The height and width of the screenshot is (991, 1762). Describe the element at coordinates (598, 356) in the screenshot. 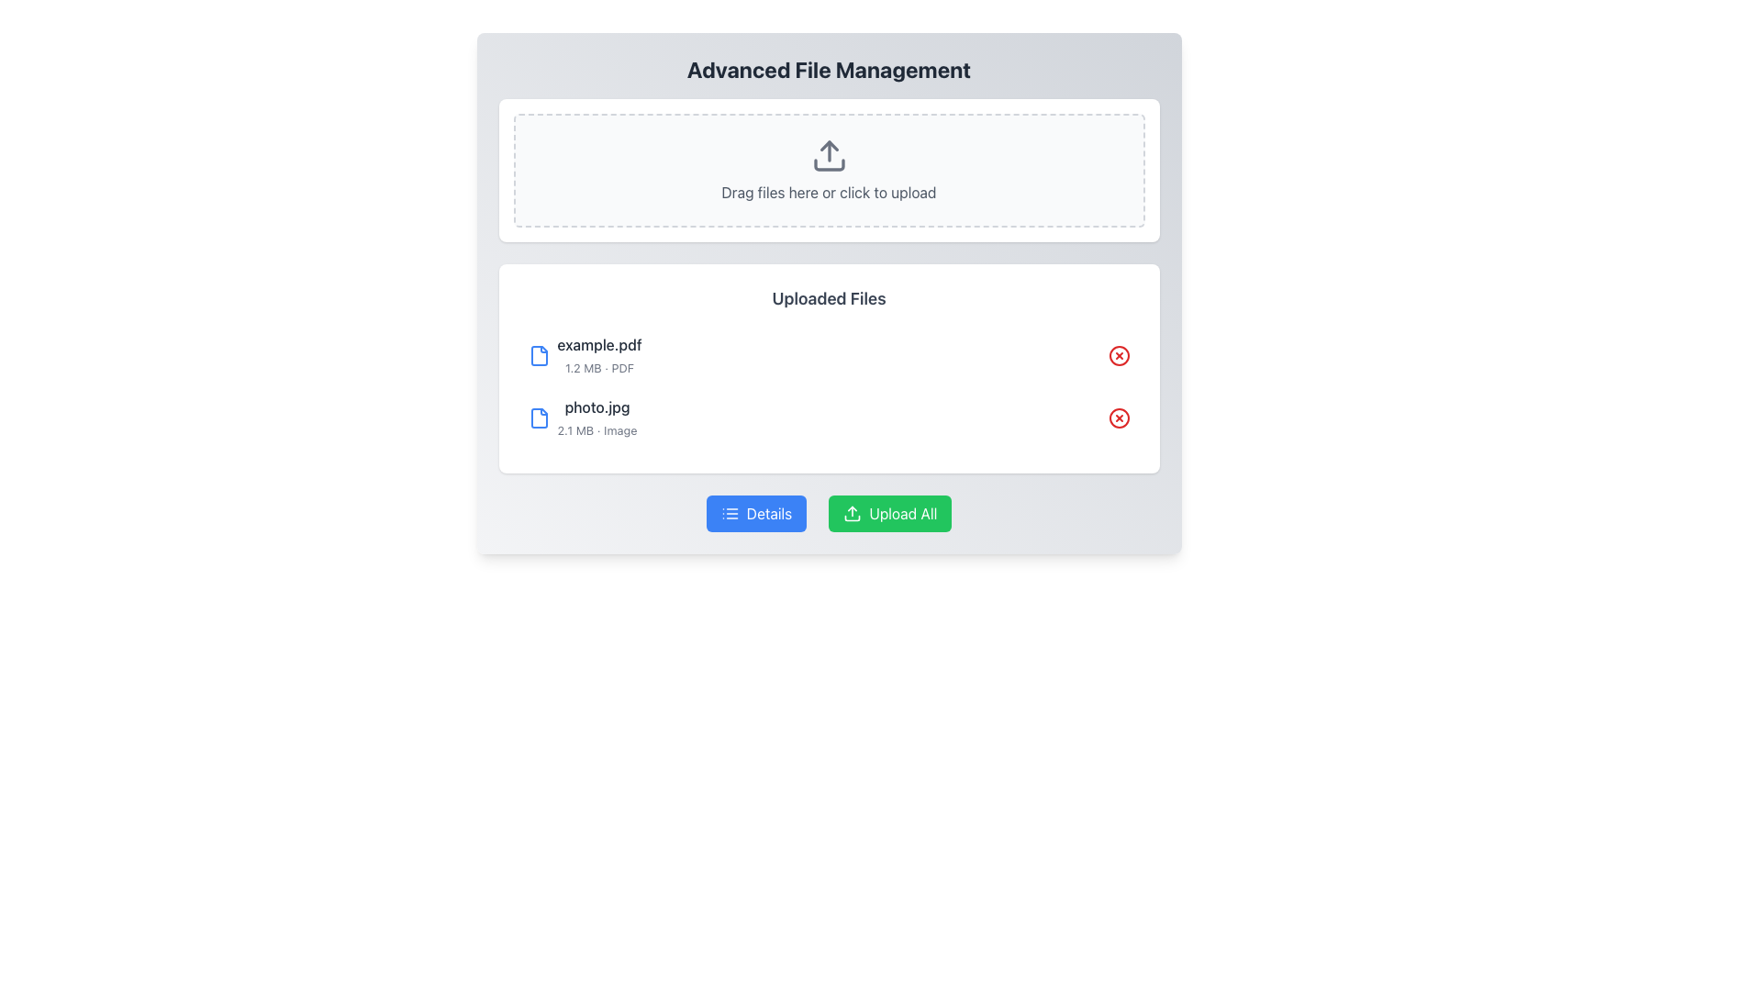

I see `the file entry displaying 'example.pdf' in the 'Uploaded Files' section of the 'Advanced File Management' interface` at that location.